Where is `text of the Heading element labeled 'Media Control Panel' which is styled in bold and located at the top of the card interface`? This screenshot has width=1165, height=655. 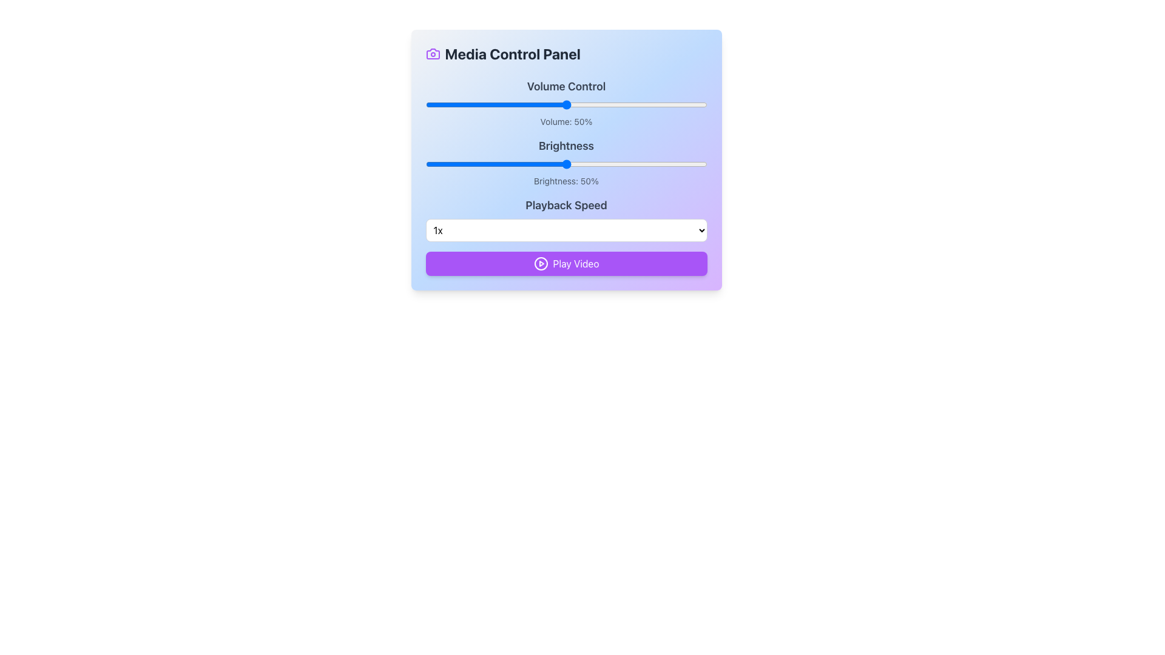 text of the Heading element labeled 'Media Control Panel' which is styled in bold and located at the top of the card interface is located at coordinates (566, 53).